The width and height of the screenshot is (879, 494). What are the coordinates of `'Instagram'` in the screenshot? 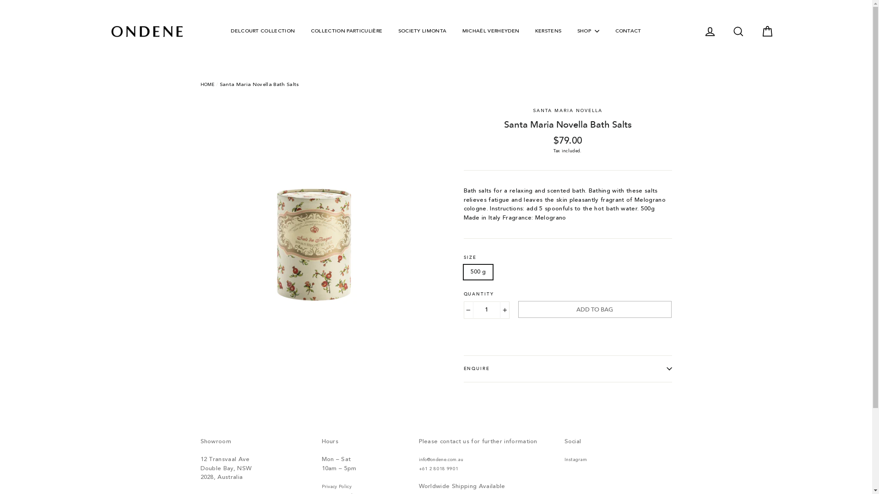 It's located at (575, 460).